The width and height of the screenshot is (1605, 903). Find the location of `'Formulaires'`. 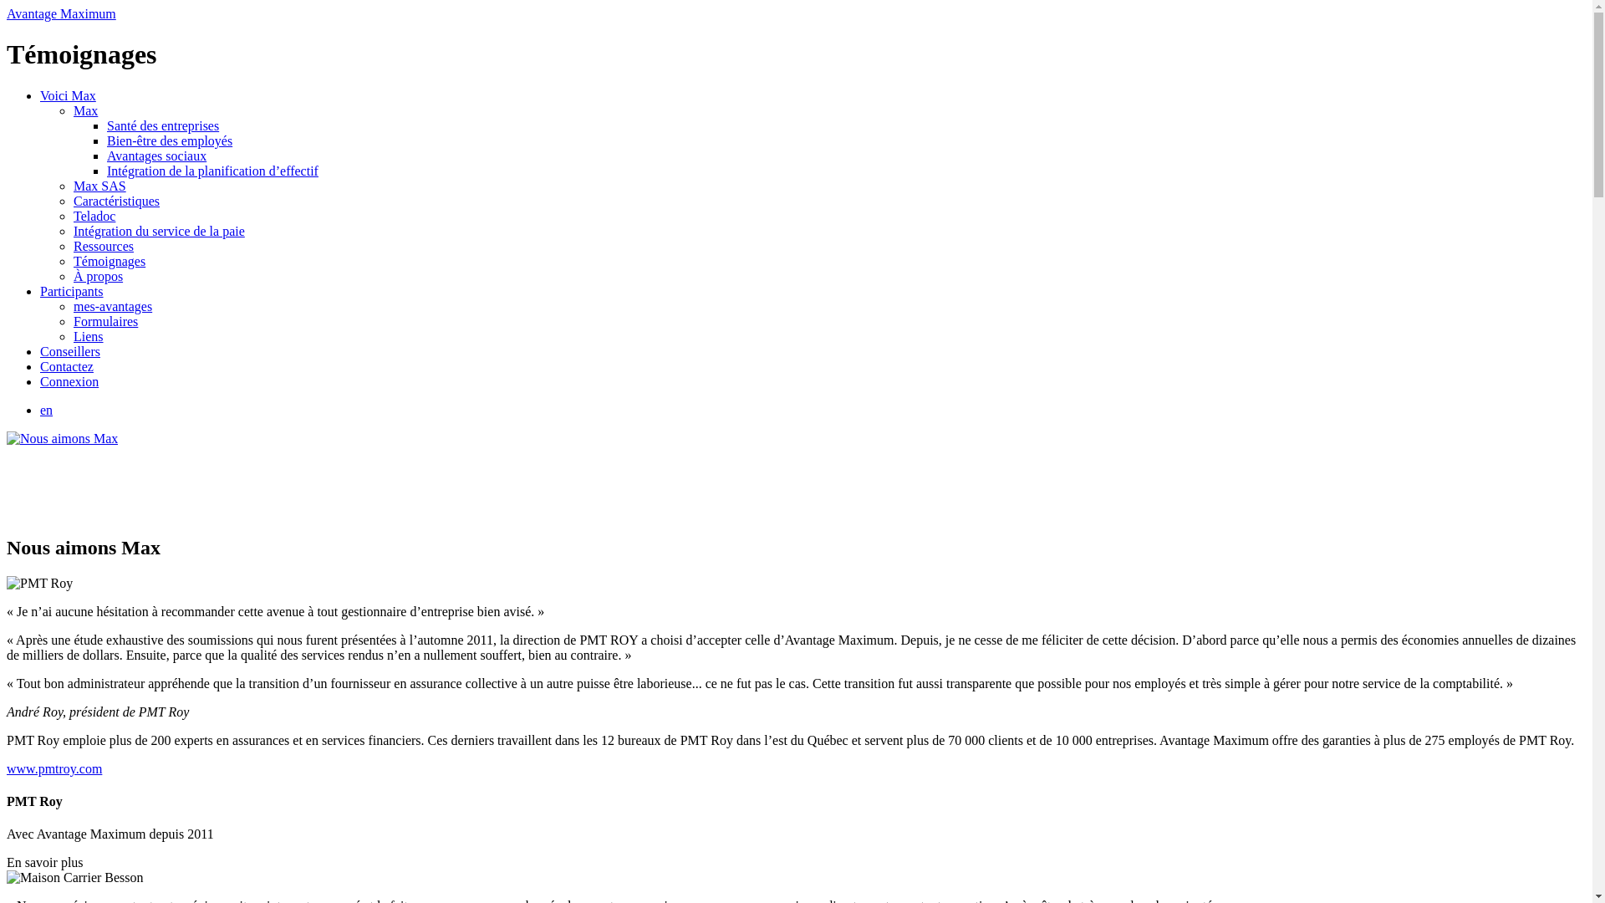

'Formulaires' is located at coordinates (104, 321).